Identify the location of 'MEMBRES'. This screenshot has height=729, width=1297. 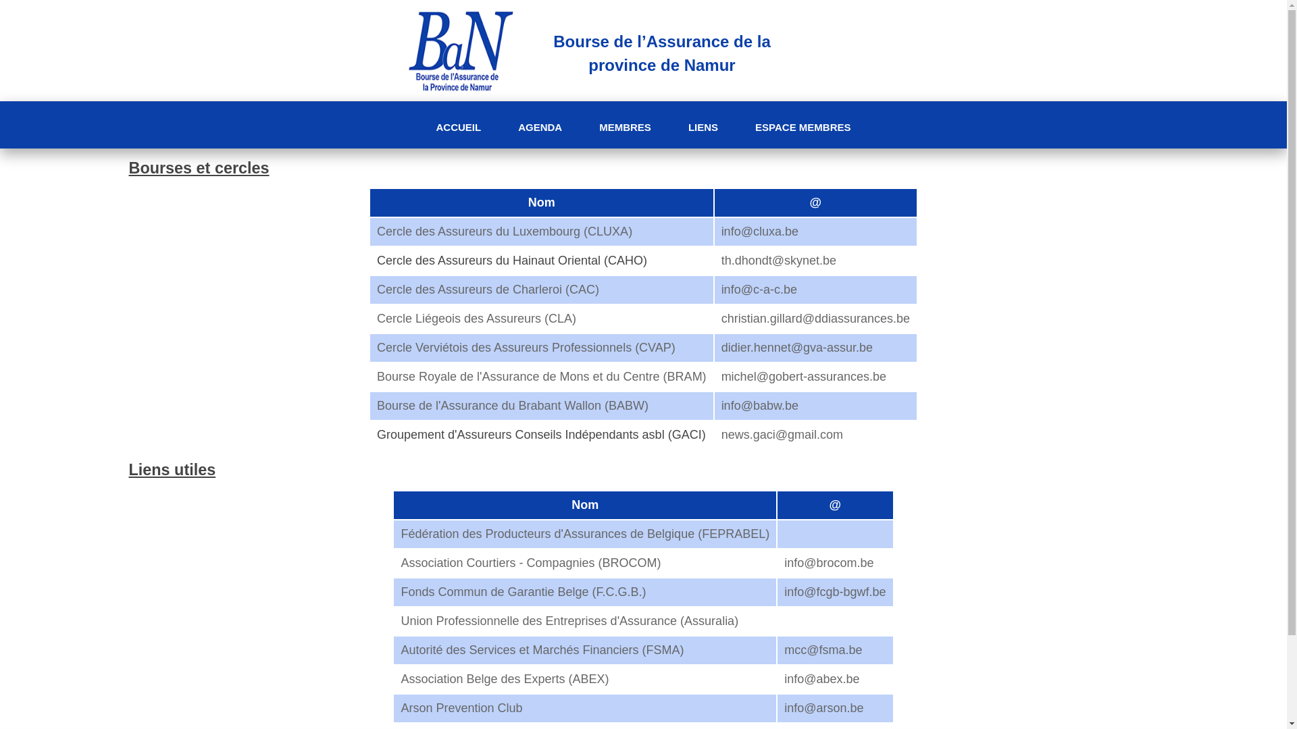
(624, 127).